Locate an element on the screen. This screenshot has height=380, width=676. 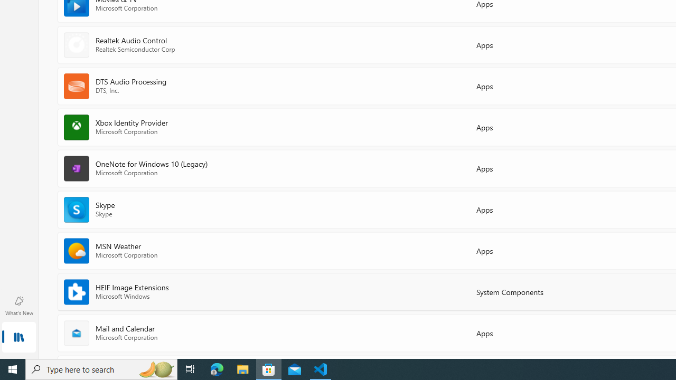
'What' is located at coordinates (18, 305).